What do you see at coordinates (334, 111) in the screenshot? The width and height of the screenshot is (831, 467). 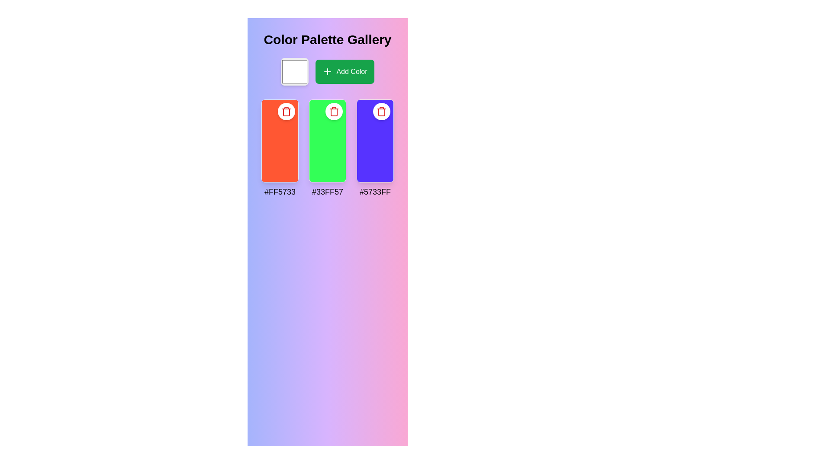 I see `the trash can icon button located in the upper-right corner of the colored tile with the text '#5733FF' as part of keyboard navigation` at bounding box center [334, 111].